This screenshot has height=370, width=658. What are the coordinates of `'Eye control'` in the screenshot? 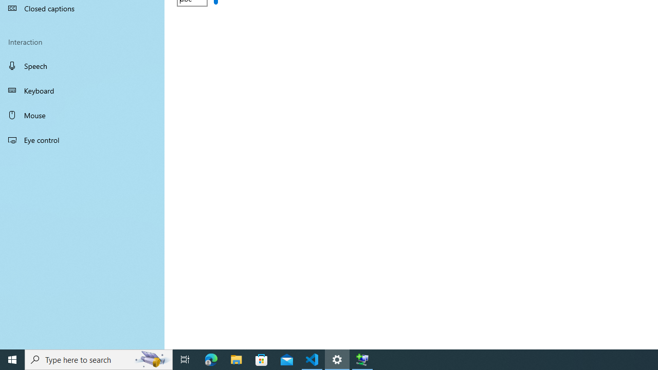 It's located at (82, 139).